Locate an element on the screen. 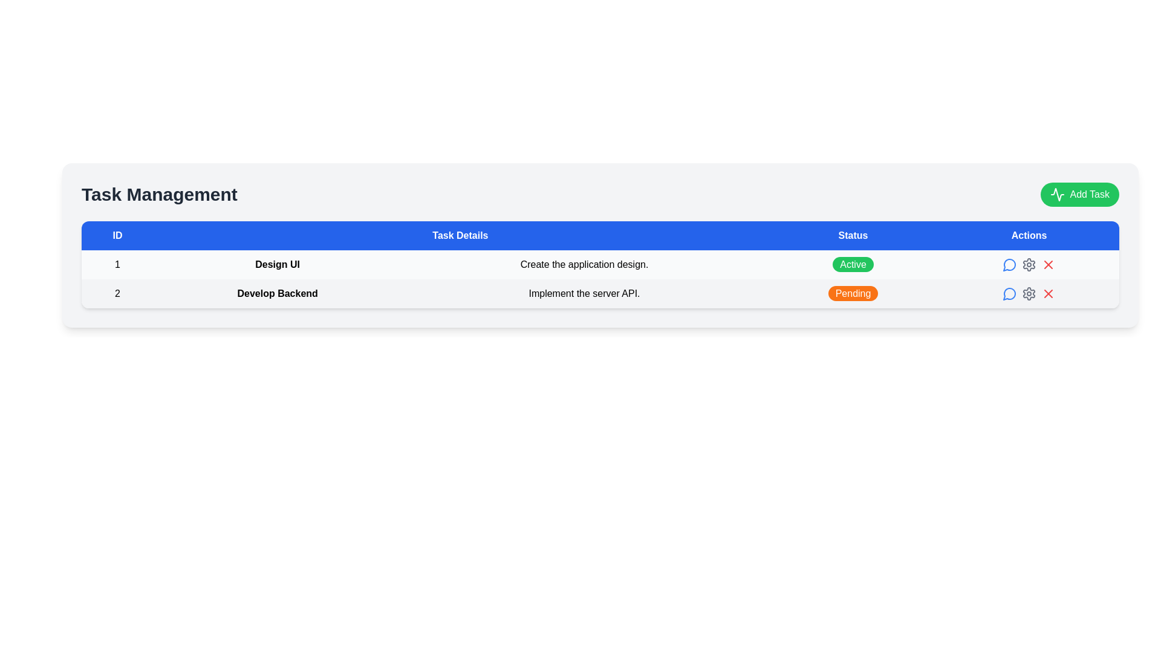  the circular blue icon with a speech bubble outline located in the 'Actions' column of the first row in the table to change its color is located at coordinates (1010, 264).